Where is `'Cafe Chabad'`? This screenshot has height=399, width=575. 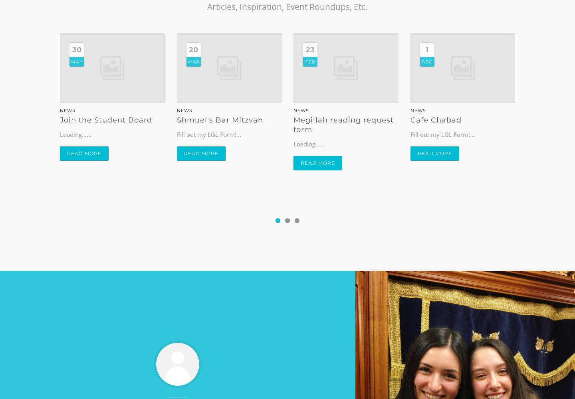
'Cafe Chabad' is located at coordinates (410, 120).